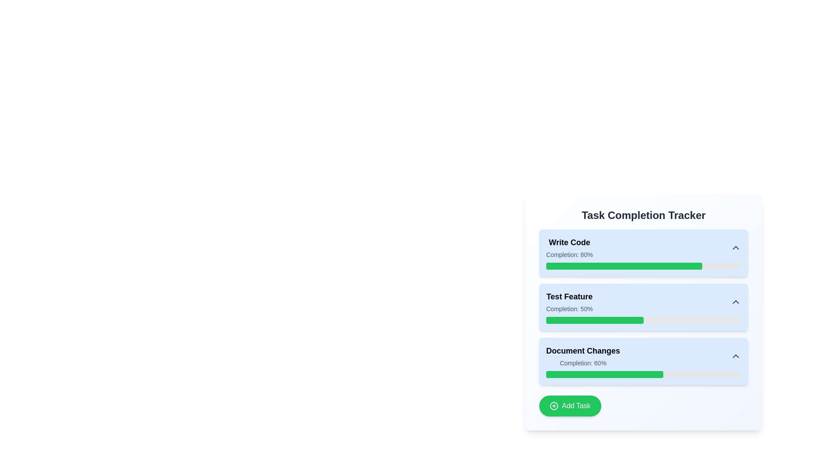 The width and height of the screenshot is (839, 472). Describe the element at coordinates (735, 301) in the screenshot. I see `the toggle button/icon located on the right side of the 'Test Feature' section to activate its hover effect` at that location.